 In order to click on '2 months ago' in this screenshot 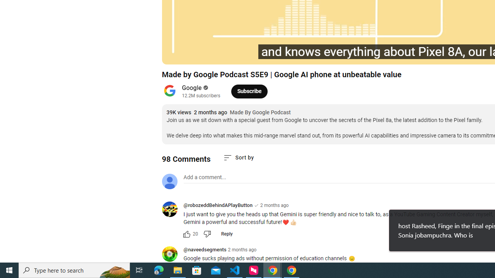, I will do `click(242, 249)`.